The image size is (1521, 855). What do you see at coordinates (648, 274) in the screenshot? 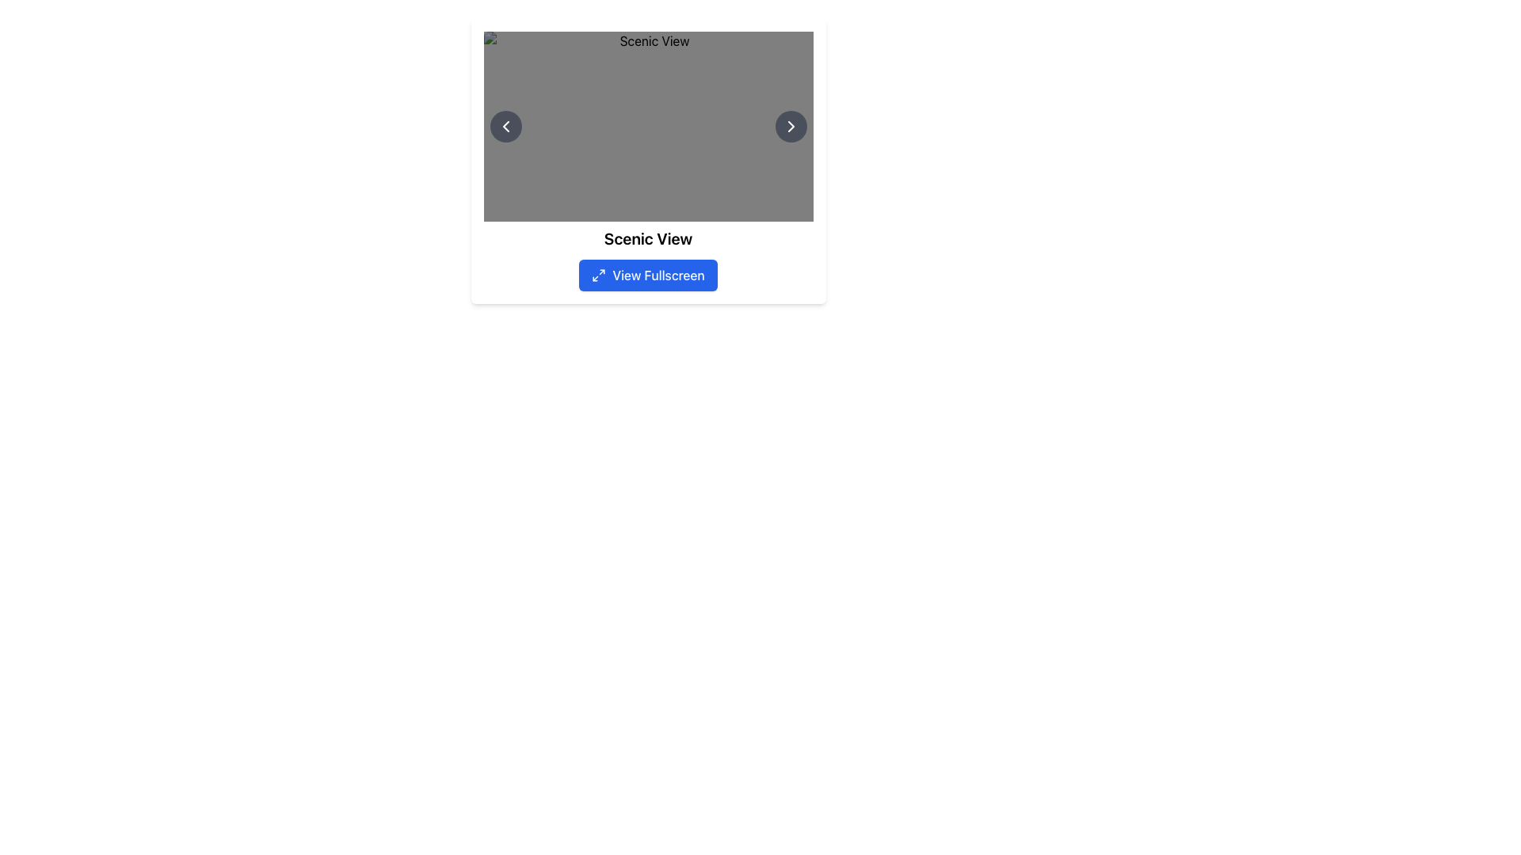
I see `the rectangular button with a blue background and white text saying 'View Fullscreen'` at bounding box center [648, 274].